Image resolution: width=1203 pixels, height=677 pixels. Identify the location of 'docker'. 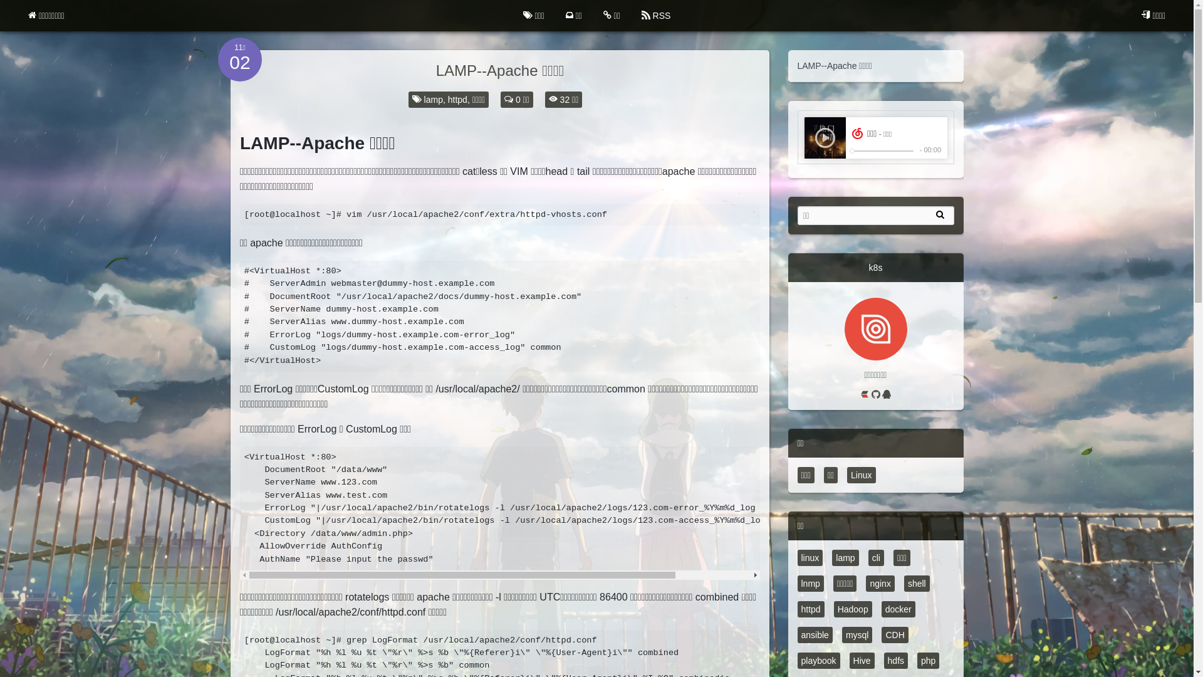
(898, 609).